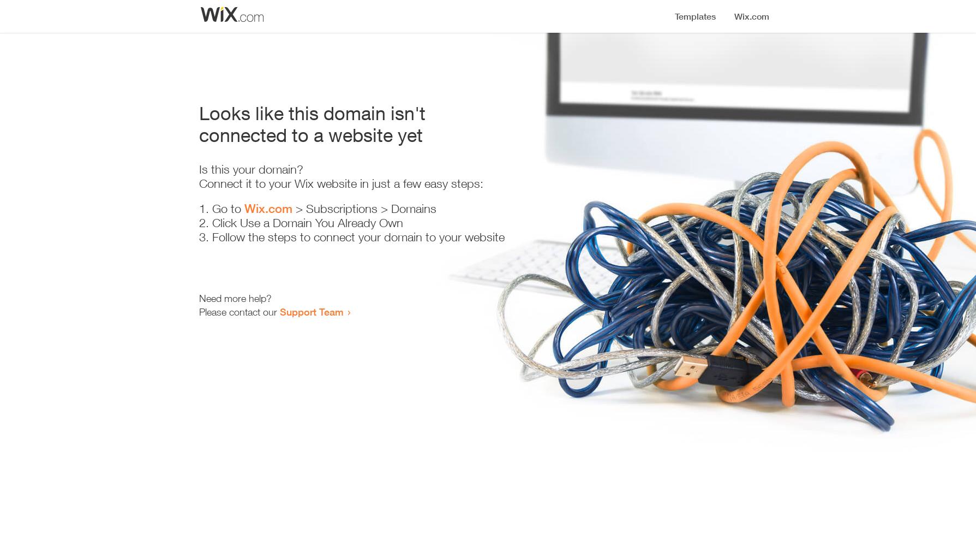 The width and height of the screenshot is (976, 546). What do you see at coordinates (238, 311) in the screenshot?
I see `'Please contact our'` at bounding box center [238, 311].